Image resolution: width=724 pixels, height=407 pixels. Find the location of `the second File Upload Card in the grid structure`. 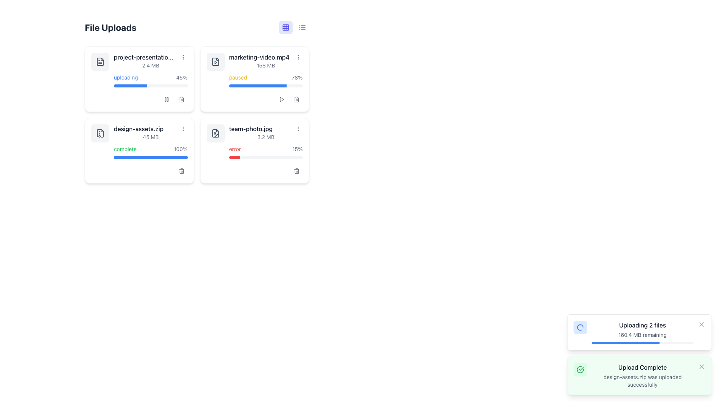

the second File Upload Card in the grid structure is located at coordinates (255, 79).